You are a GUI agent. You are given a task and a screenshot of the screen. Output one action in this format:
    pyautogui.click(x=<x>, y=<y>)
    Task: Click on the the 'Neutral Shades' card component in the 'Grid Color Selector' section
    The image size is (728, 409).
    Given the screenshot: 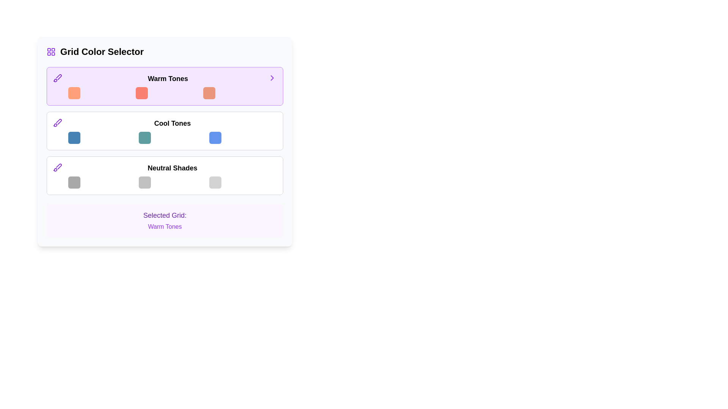 What is the action you would take?
    pyautogui.click(x=165, y=175)
    